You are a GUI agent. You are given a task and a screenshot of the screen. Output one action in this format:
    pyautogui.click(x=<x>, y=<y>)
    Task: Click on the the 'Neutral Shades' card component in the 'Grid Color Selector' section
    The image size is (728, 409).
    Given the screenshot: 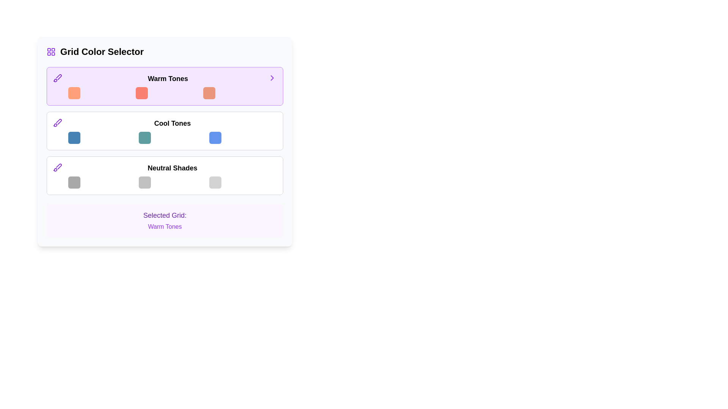 What is the action you would take?
    pyautogui.click(x=165, y=175)
    